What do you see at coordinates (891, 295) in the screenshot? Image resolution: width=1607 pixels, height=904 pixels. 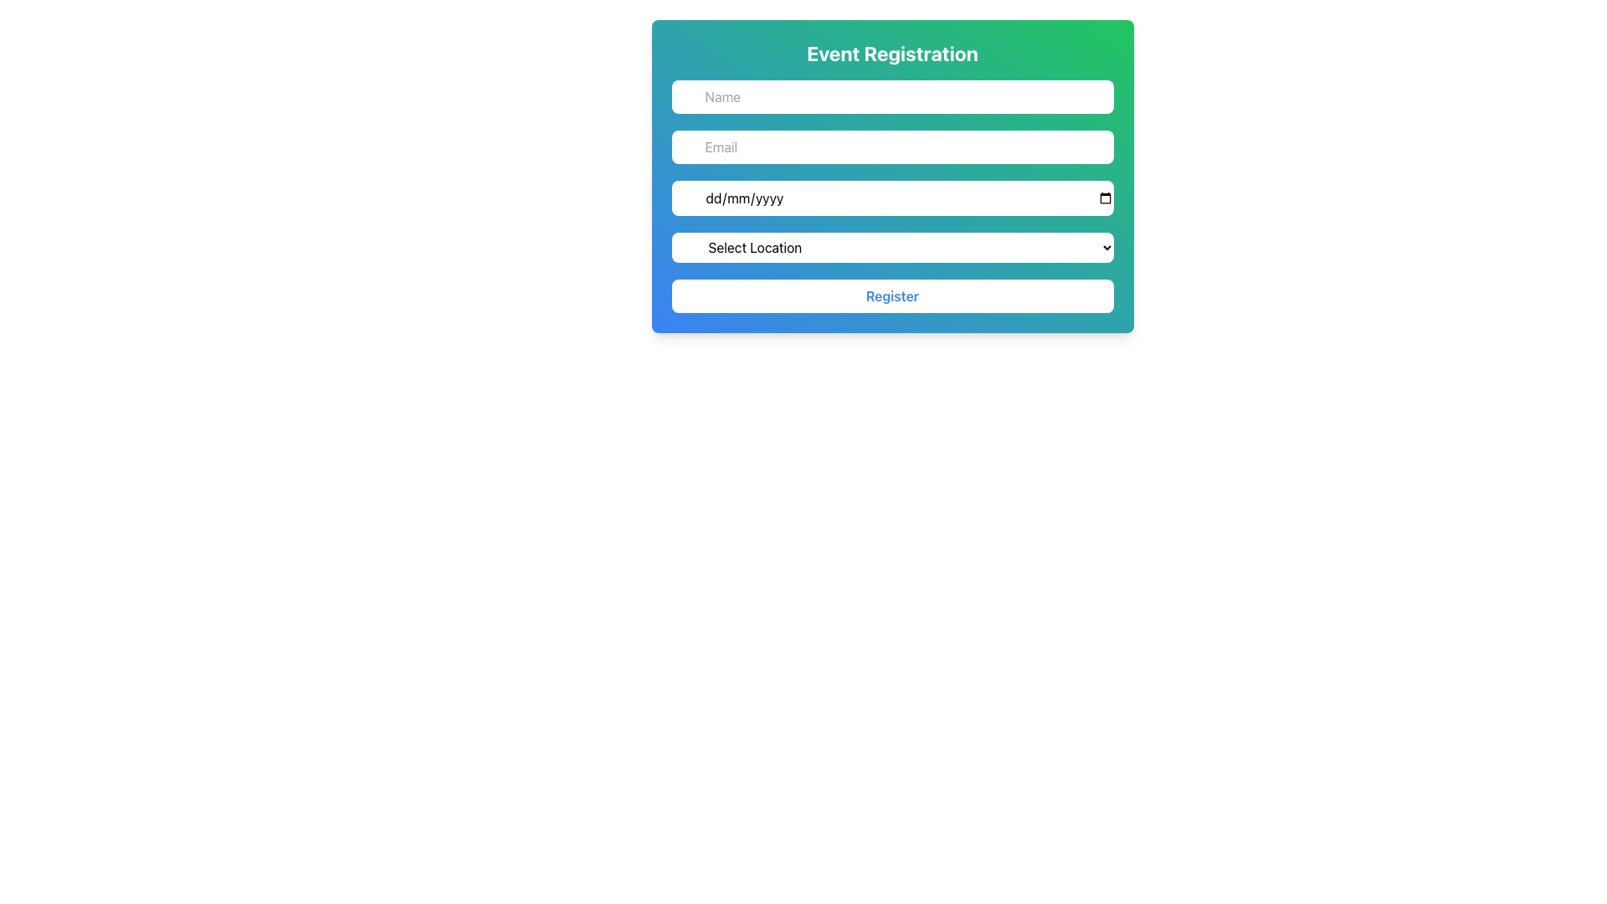 I see `the submission button located at the bottom of the form interface, directly beneath the 'Select Location' dropdown` at bounding box center [891, 295].